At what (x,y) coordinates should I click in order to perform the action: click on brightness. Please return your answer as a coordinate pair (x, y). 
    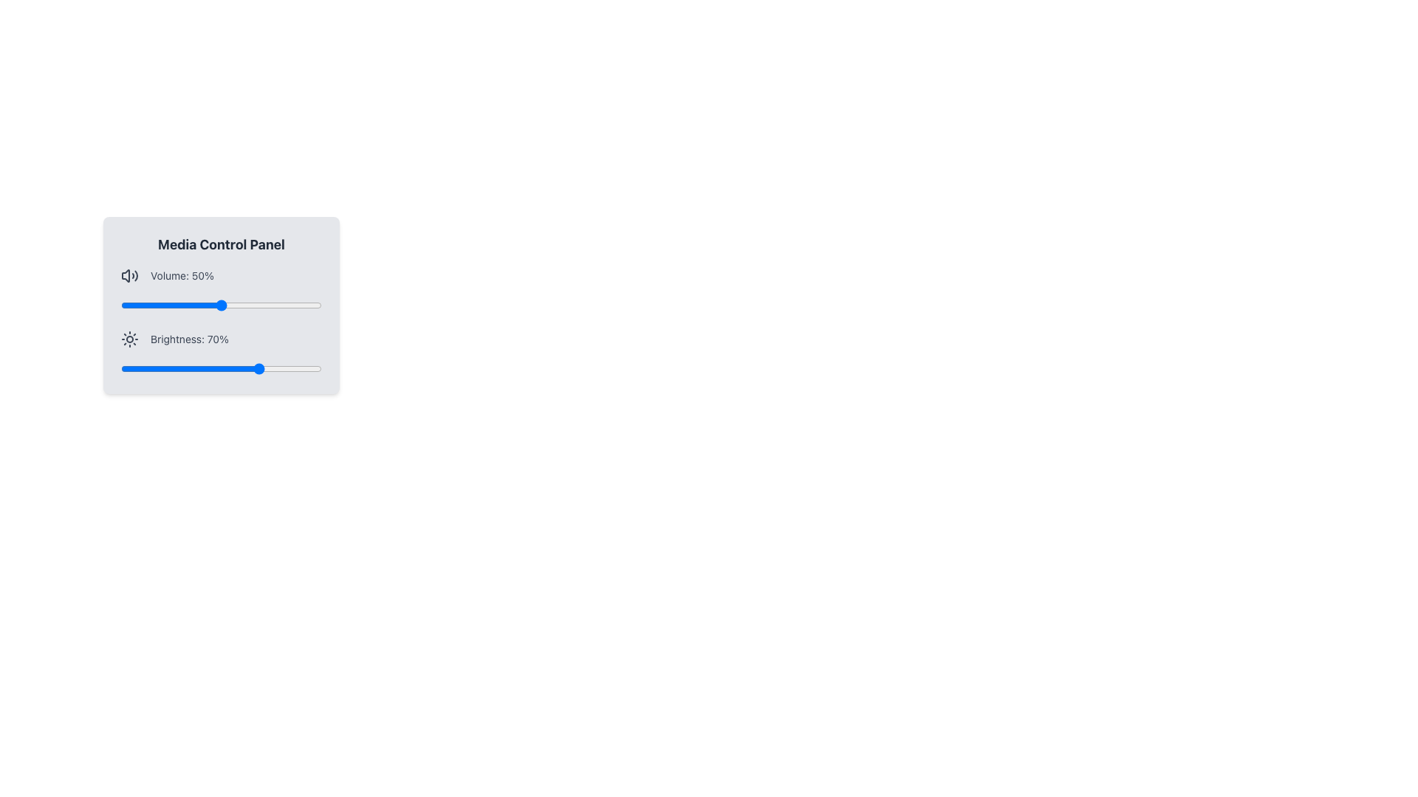
    Looking at the image, I should click on (245, 368).